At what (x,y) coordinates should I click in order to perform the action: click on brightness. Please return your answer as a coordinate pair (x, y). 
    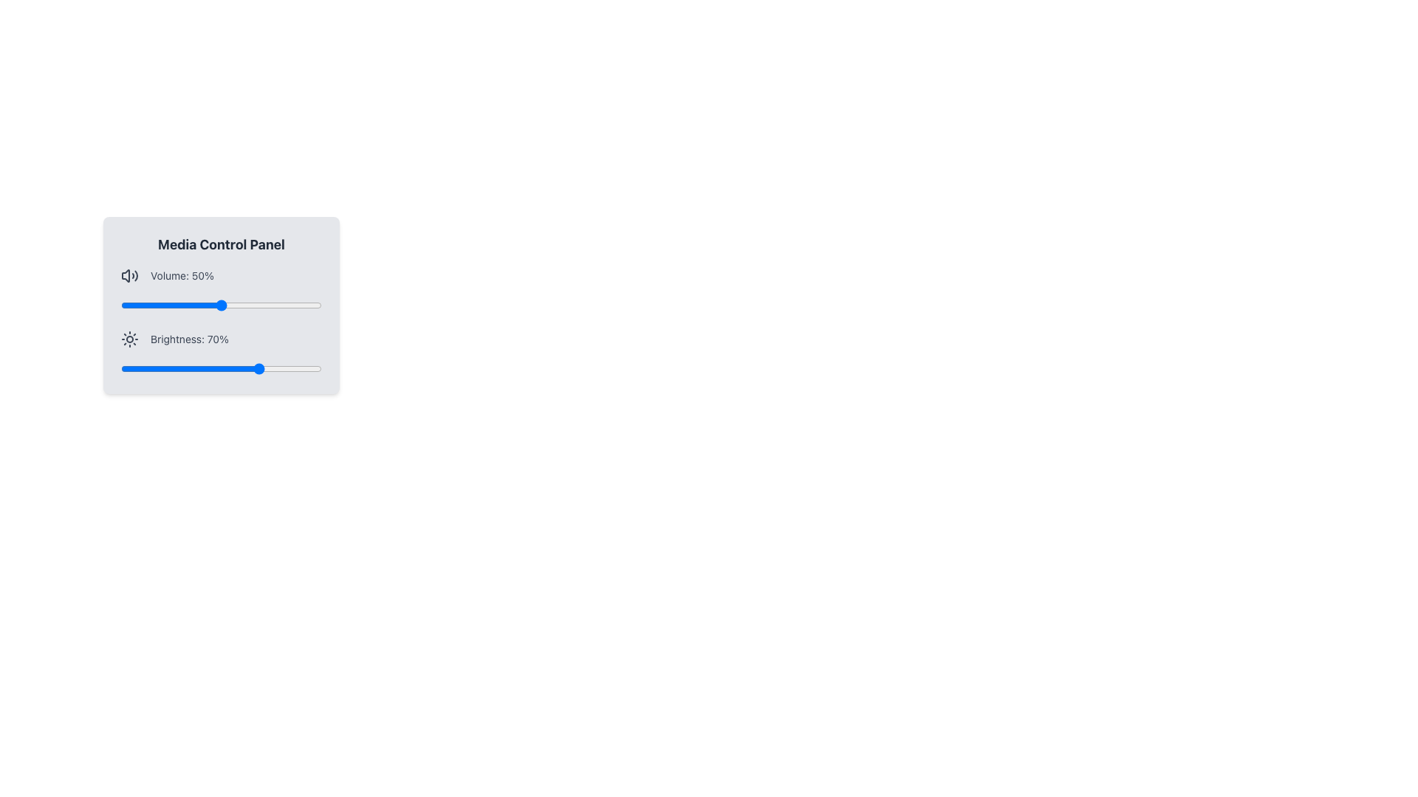
    Looking at the image, I should click on (245, 368).